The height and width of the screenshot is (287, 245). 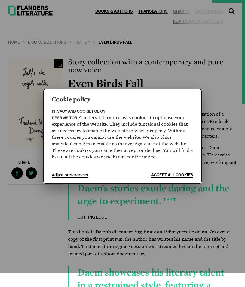 What do you see at coordinates (209, 11) in the screenshot?
I see `'Background'` at bounding box center [209, 11].